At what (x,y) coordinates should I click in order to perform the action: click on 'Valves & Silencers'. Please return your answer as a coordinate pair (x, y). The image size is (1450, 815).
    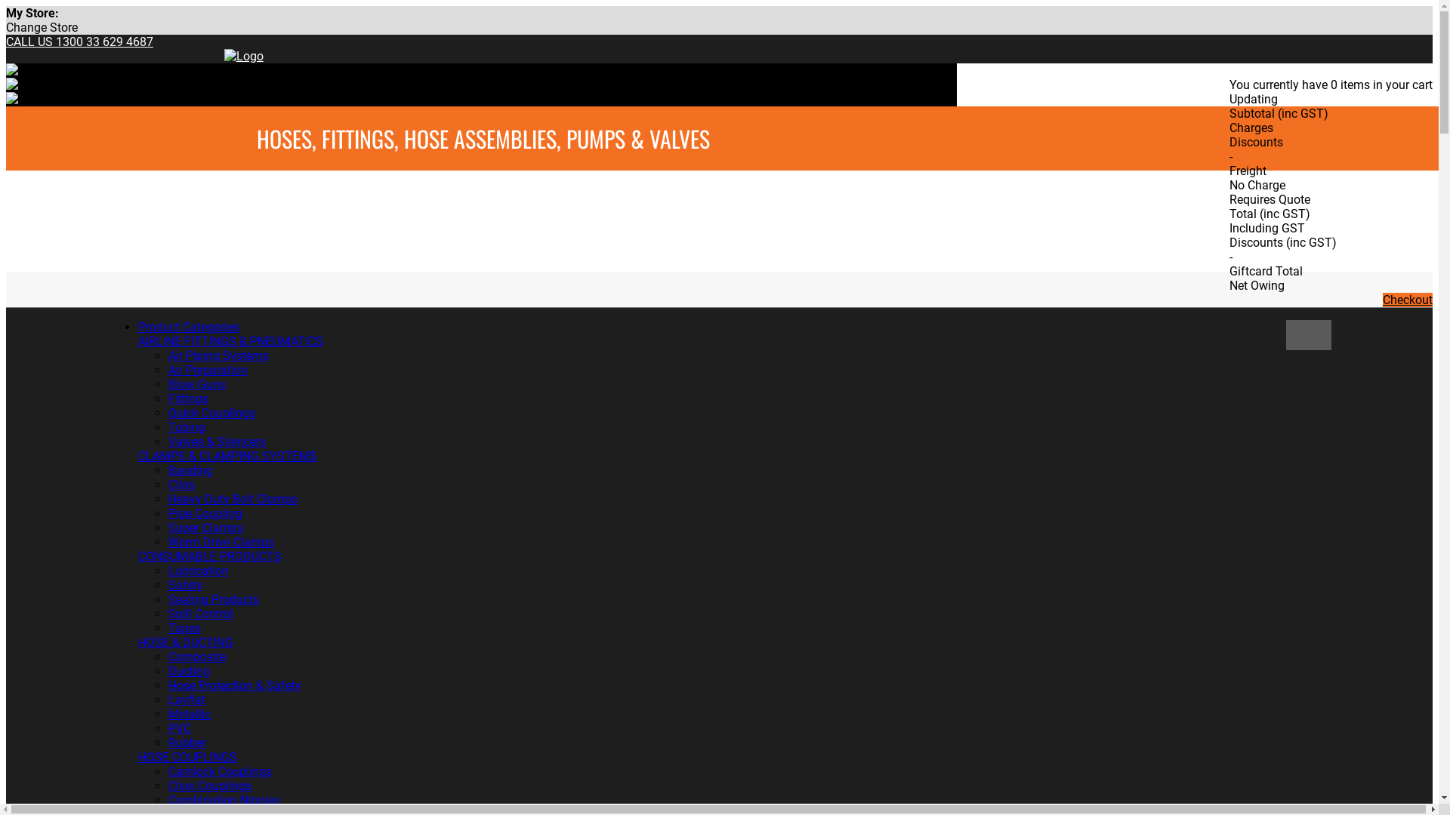
    Looking at the image, I should click on (215, 441).